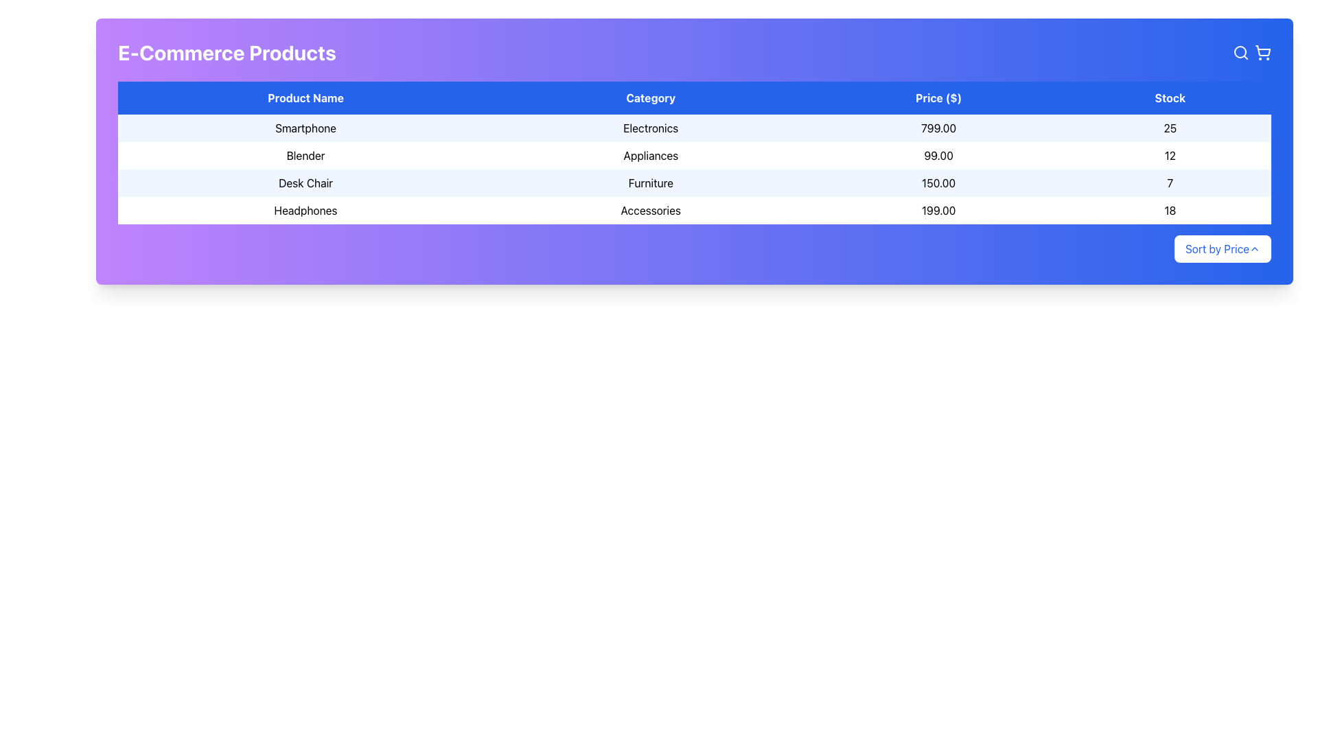  I want to click on the first column header of the table that labels product names, positioned on the far left among the siblings in the header row, so click(305, 97).